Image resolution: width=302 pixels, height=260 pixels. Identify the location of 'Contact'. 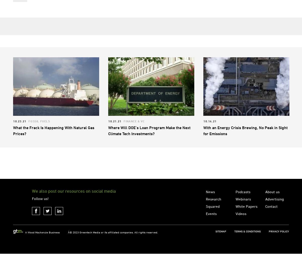
(265, 227).